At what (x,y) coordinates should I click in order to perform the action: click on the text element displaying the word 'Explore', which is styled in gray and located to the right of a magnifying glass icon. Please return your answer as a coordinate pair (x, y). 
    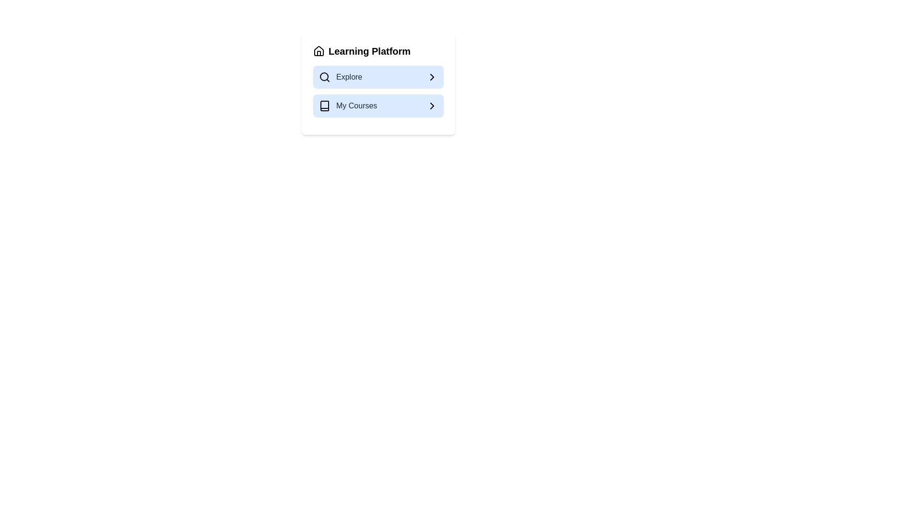
    Looking at the image, I should click on (349, 77).